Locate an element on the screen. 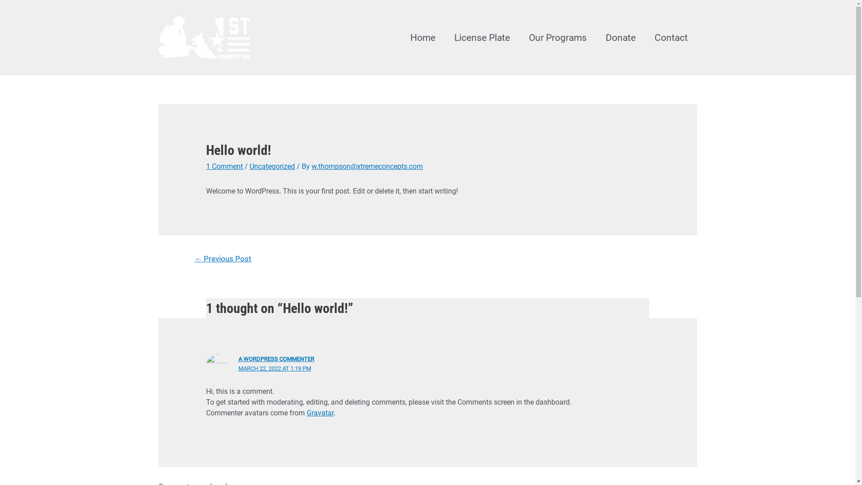 Image resolution: width=862 pixels, height=485 pixels. 'Home' is located at coordinates (422, 37).